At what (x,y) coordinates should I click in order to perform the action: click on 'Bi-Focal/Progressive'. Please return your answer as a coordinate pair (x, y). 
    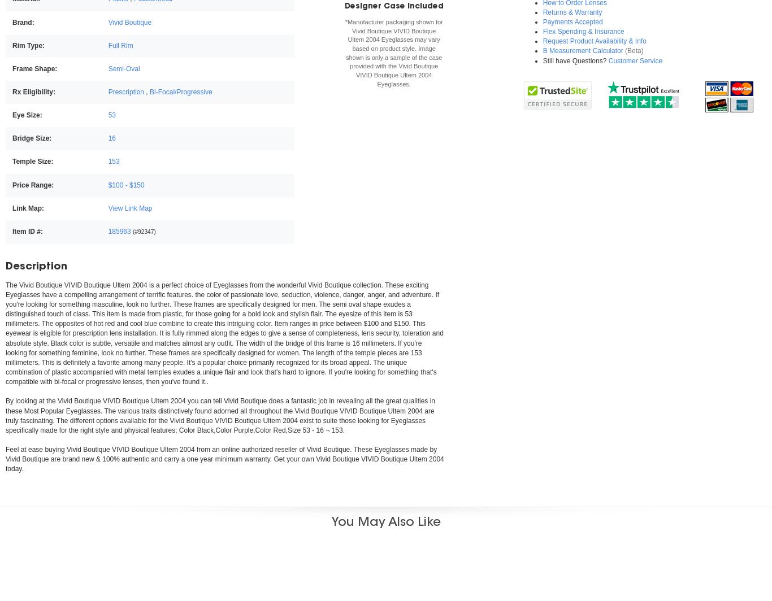
    Looking at the image, I should click on (150, 92).